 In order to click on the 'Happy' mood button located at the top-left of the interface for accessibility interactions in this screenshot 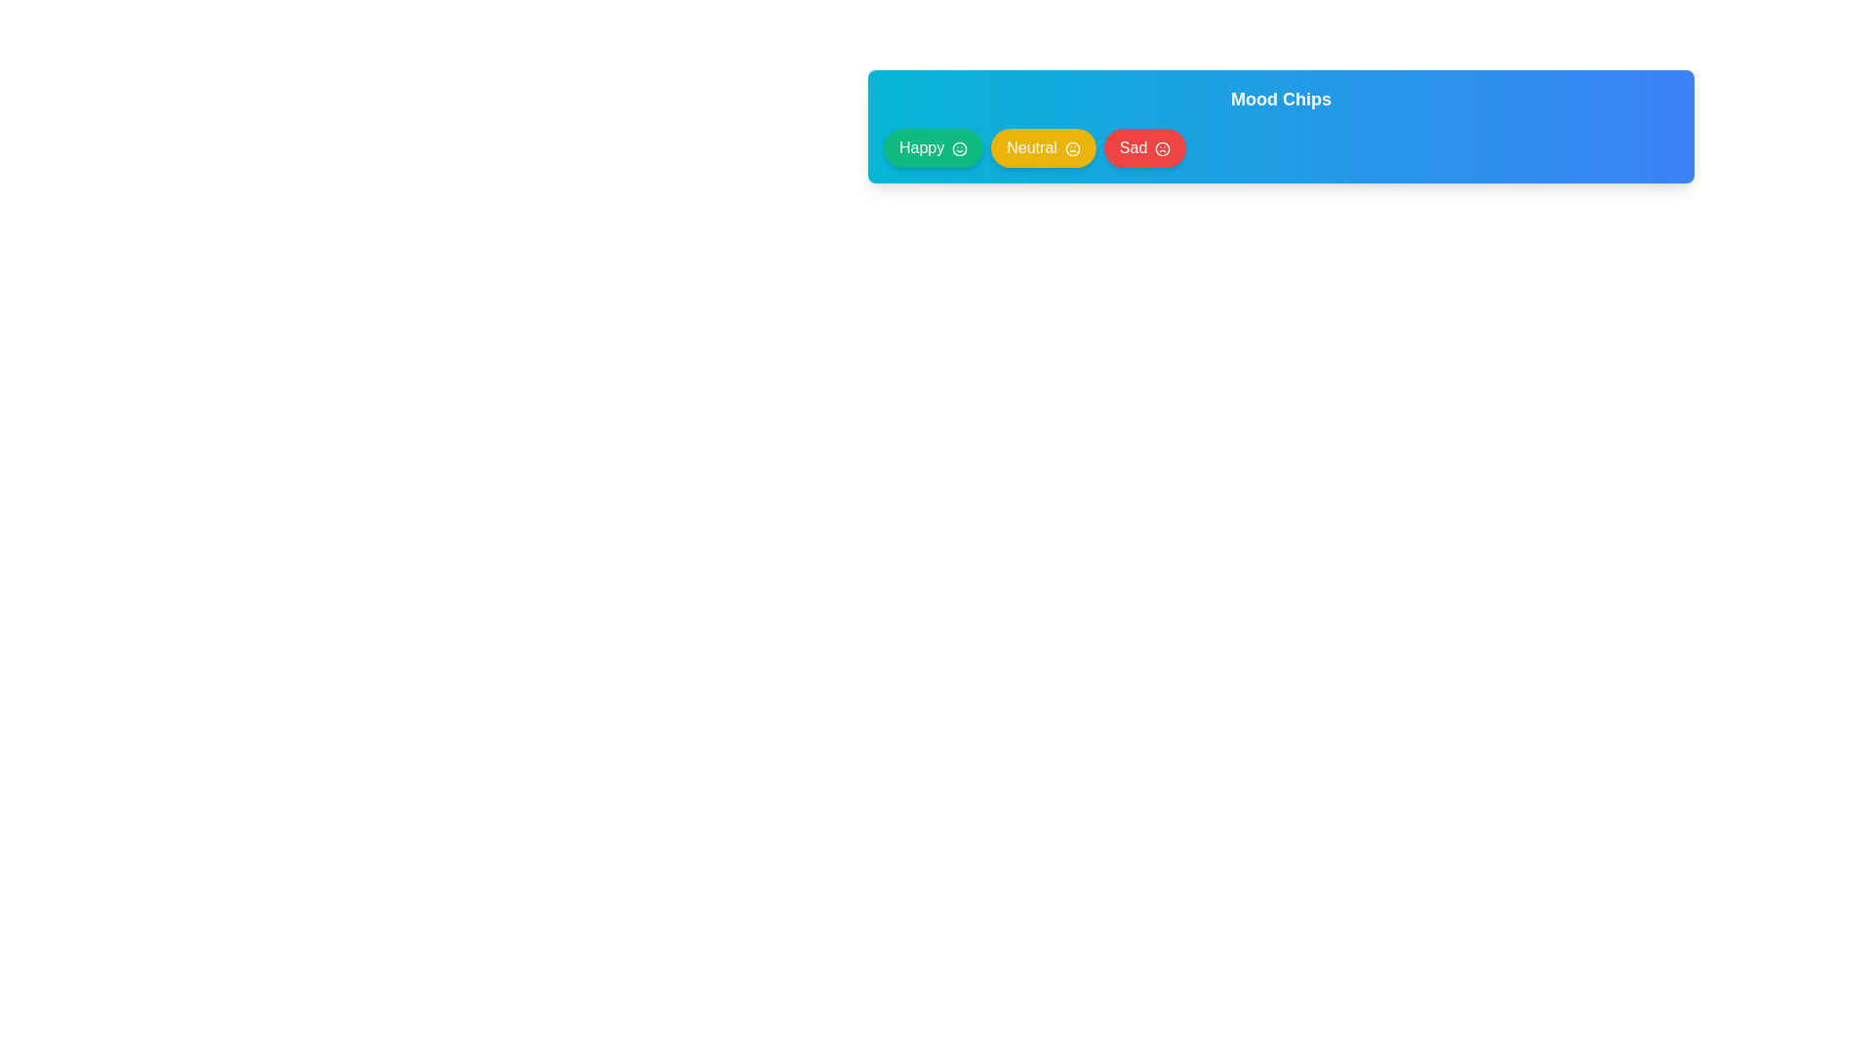, I will do `click(933, 146)`.